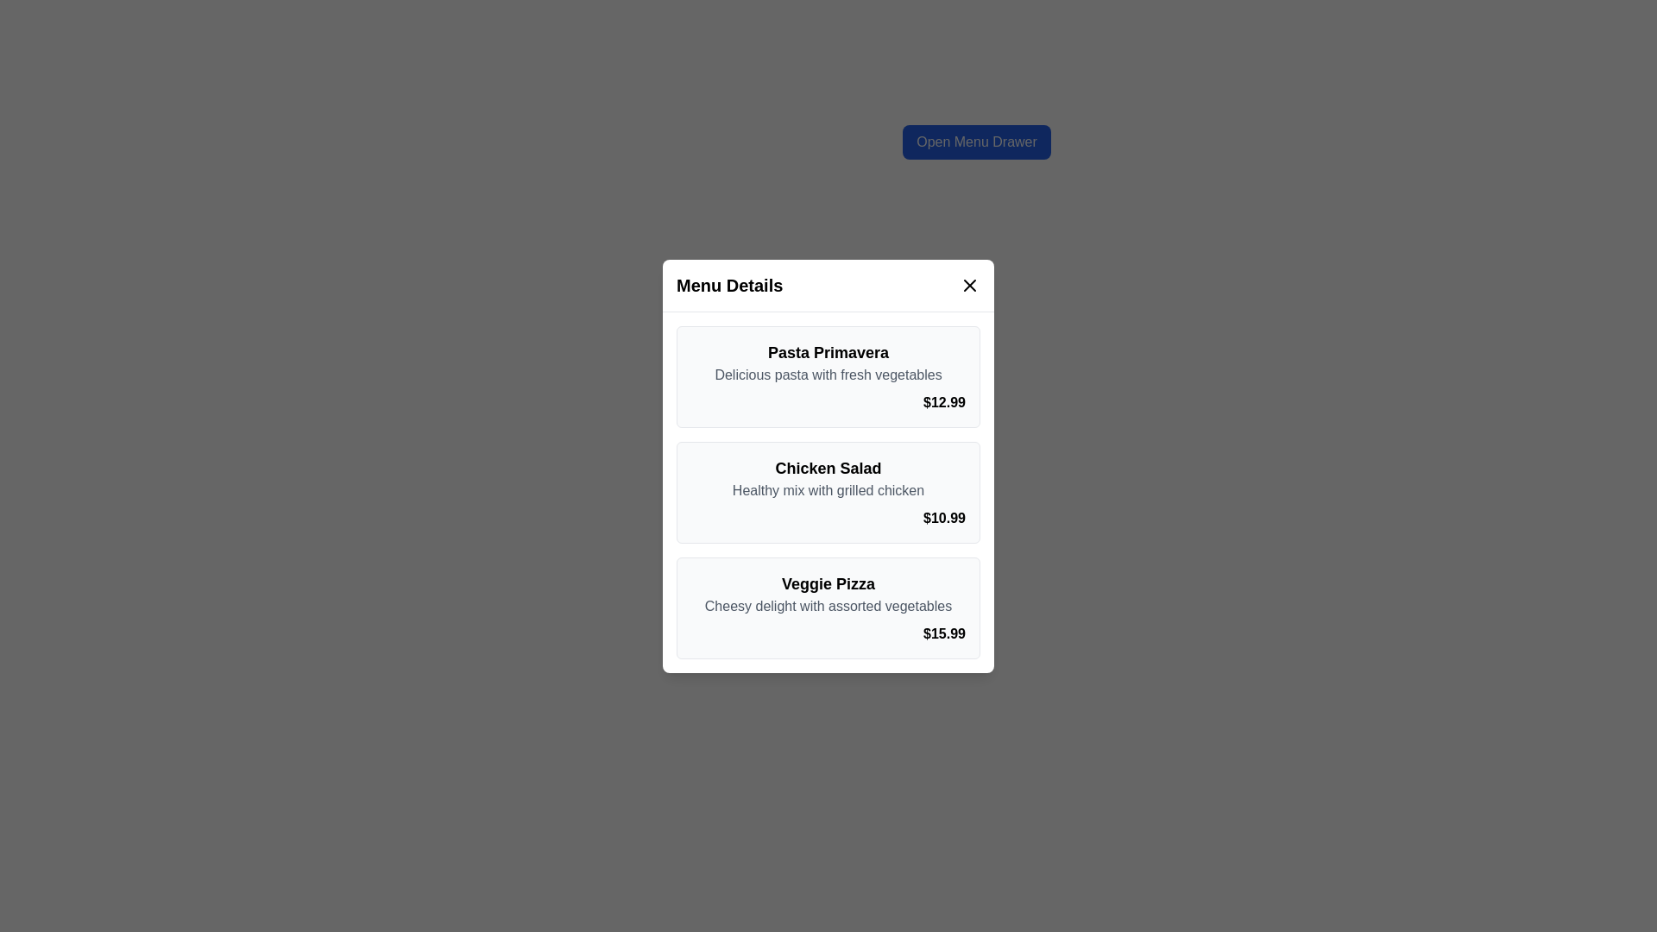  Describe the element at coordinates (969, 284) in the screenshot. I see `the close icon button located to the right of the 'Menu Details' header` at that location.